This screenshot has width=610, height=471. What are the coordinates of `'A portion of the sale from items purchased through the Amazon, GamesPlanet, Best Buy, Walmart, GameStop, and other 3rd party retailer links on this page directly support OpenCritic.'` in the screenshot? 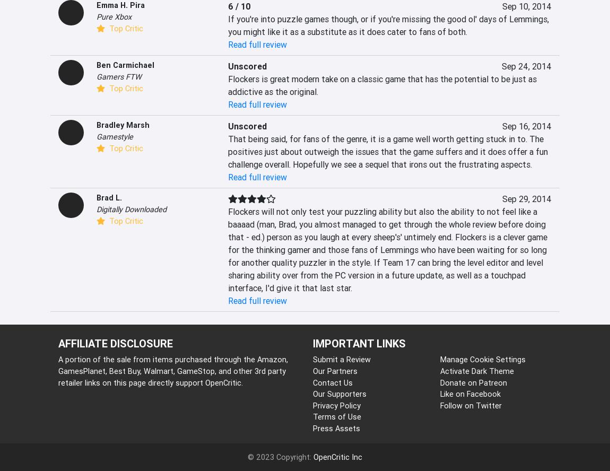 It's located at (173, 371).